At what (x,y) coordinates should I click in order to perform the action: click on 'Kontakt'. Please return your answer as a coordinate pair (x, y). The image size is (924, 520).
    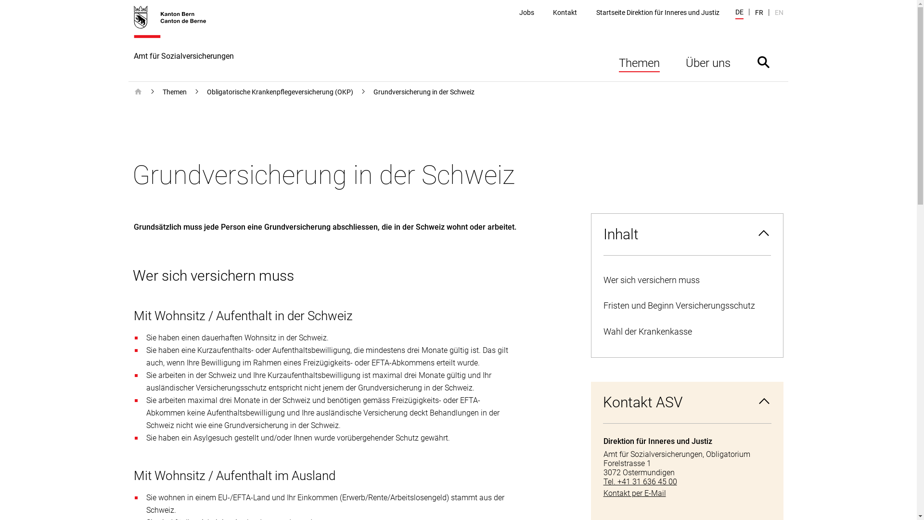
    Looking at the image, I should click on (565, 13).